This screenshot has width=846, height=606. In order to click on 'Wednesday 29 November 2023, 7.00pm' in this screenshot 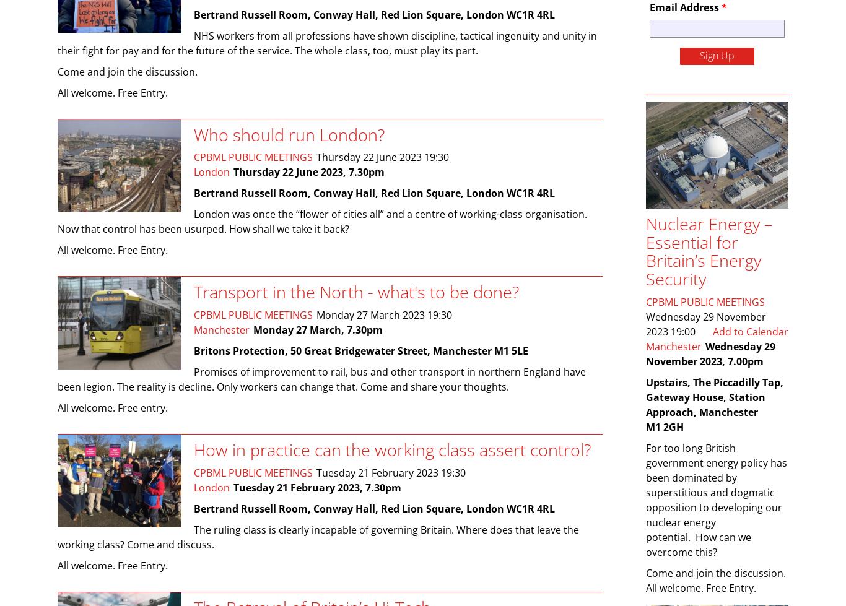, I will do `click(645, 352)`.